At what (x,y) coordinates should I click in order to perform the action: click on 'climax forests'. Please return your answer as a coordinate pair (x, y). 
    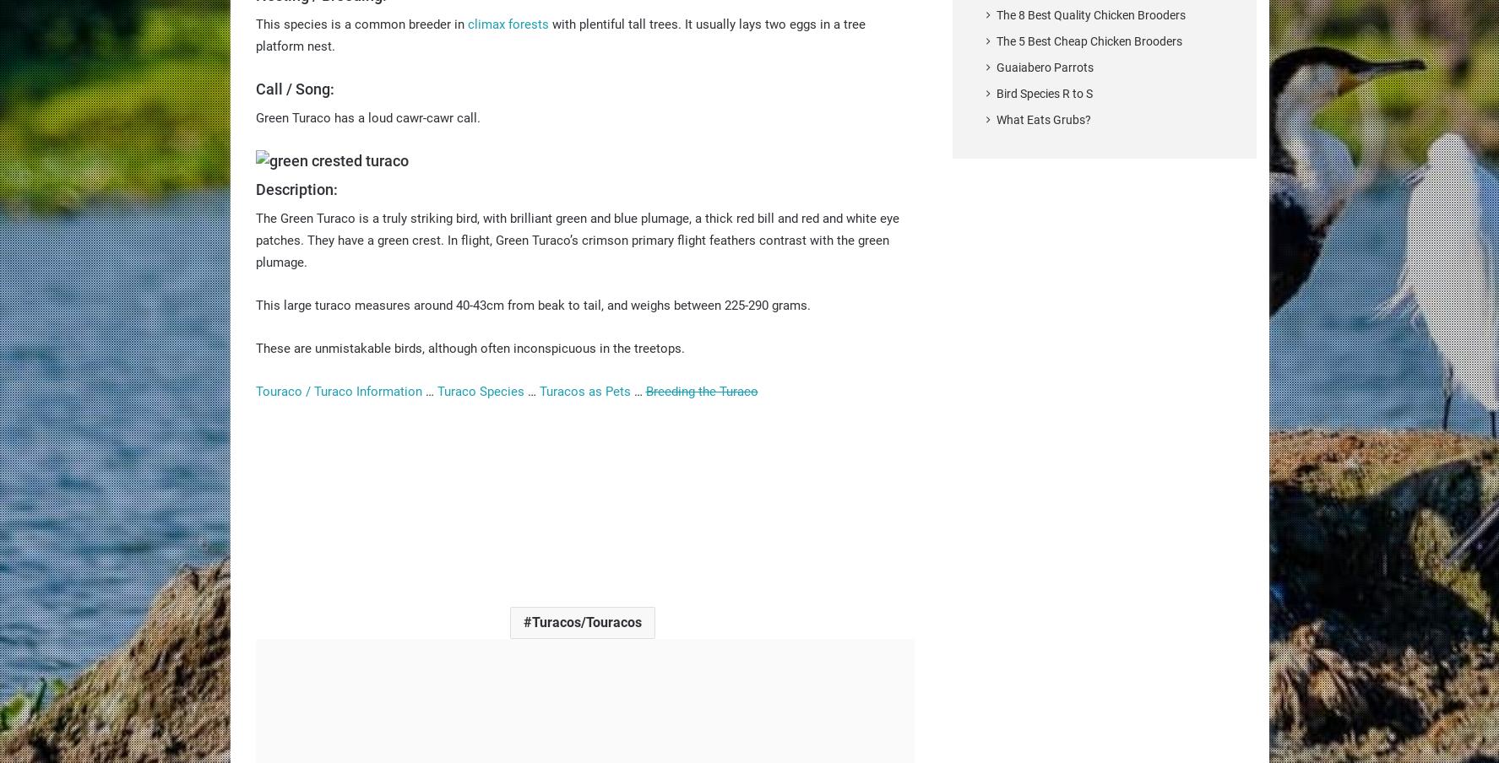
    Looking at the image, I should click on (508, 23).